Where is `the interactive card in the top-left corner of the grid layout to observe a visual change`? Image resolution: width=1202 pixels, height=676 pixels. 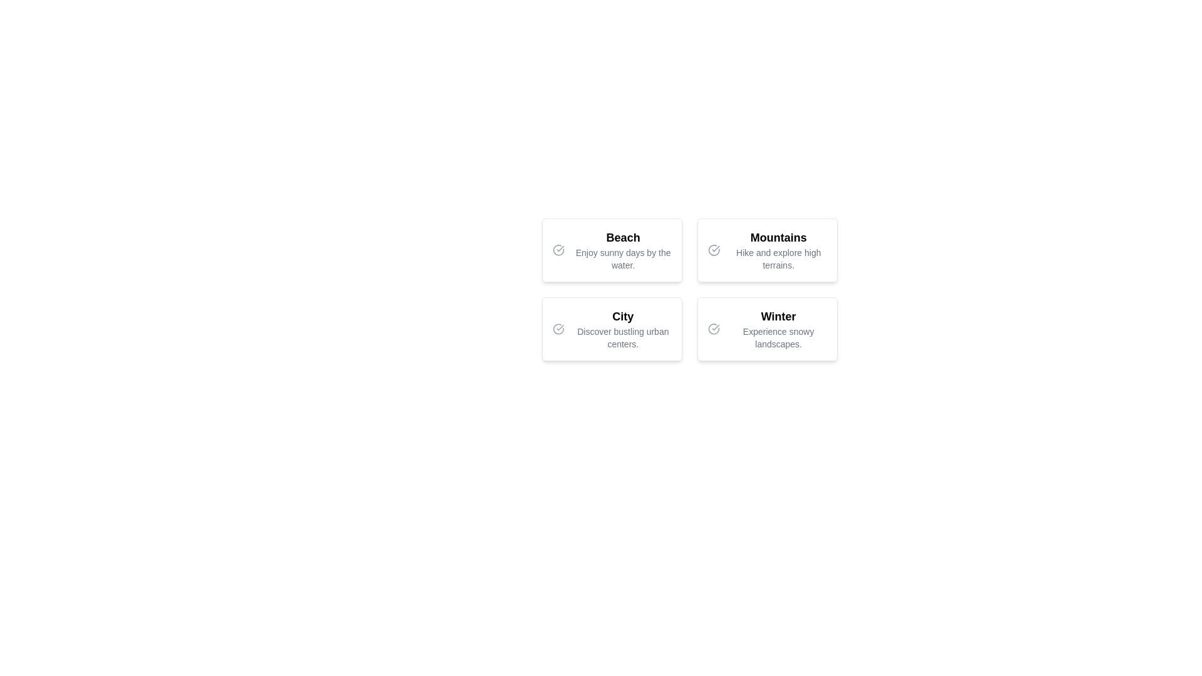
the interactive card in the top-left corner of the grid layout to observe a visual change is located at coordinates (612, 250).